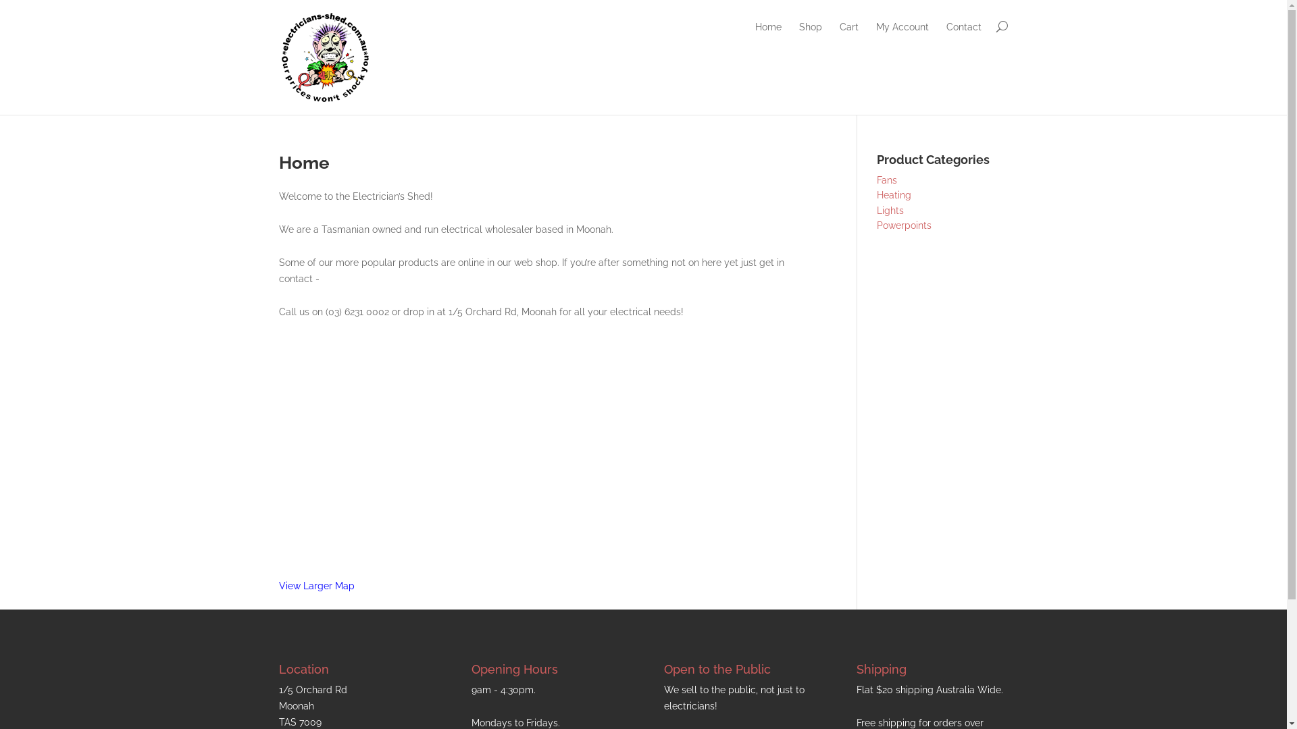  Describe the element at coordinates (887, 179) in the screenshot. I see `'Fans'` at that location.